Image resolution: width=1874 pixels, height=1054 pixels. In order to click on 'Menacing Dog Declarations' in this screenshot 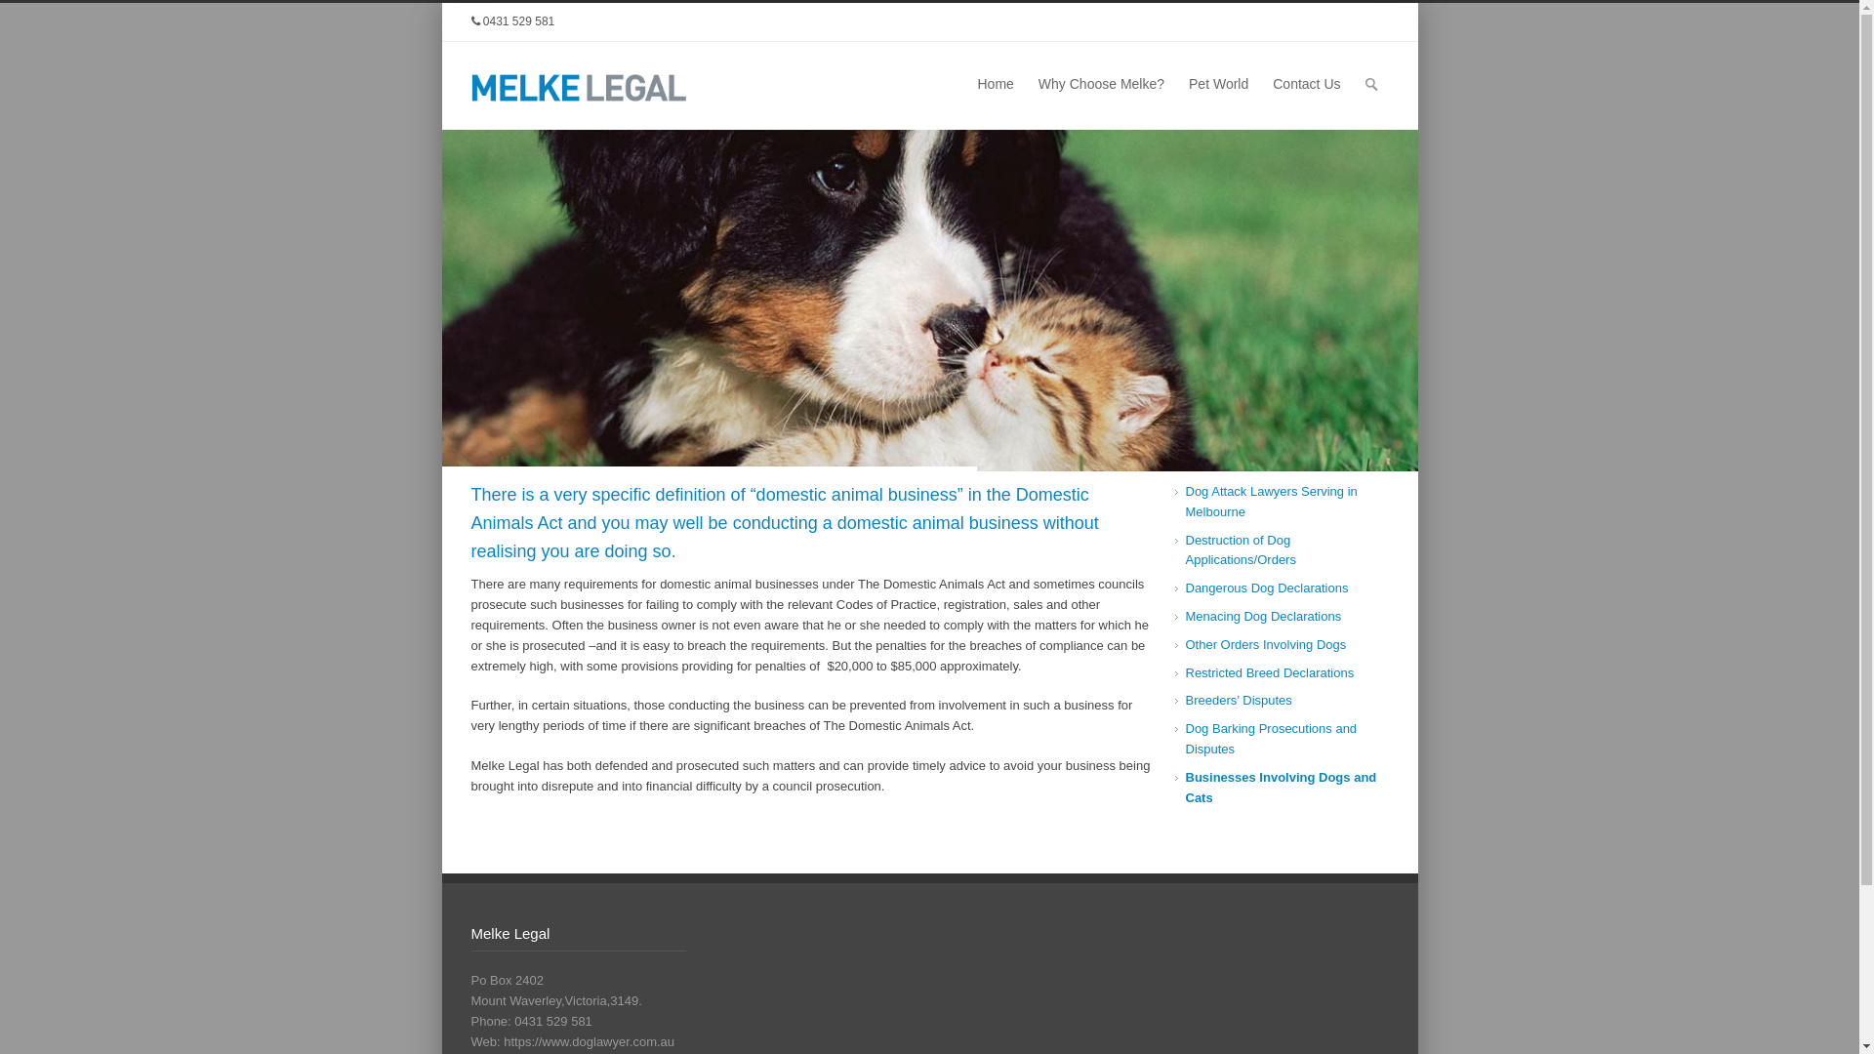, I will do `click(1263, 616)`.